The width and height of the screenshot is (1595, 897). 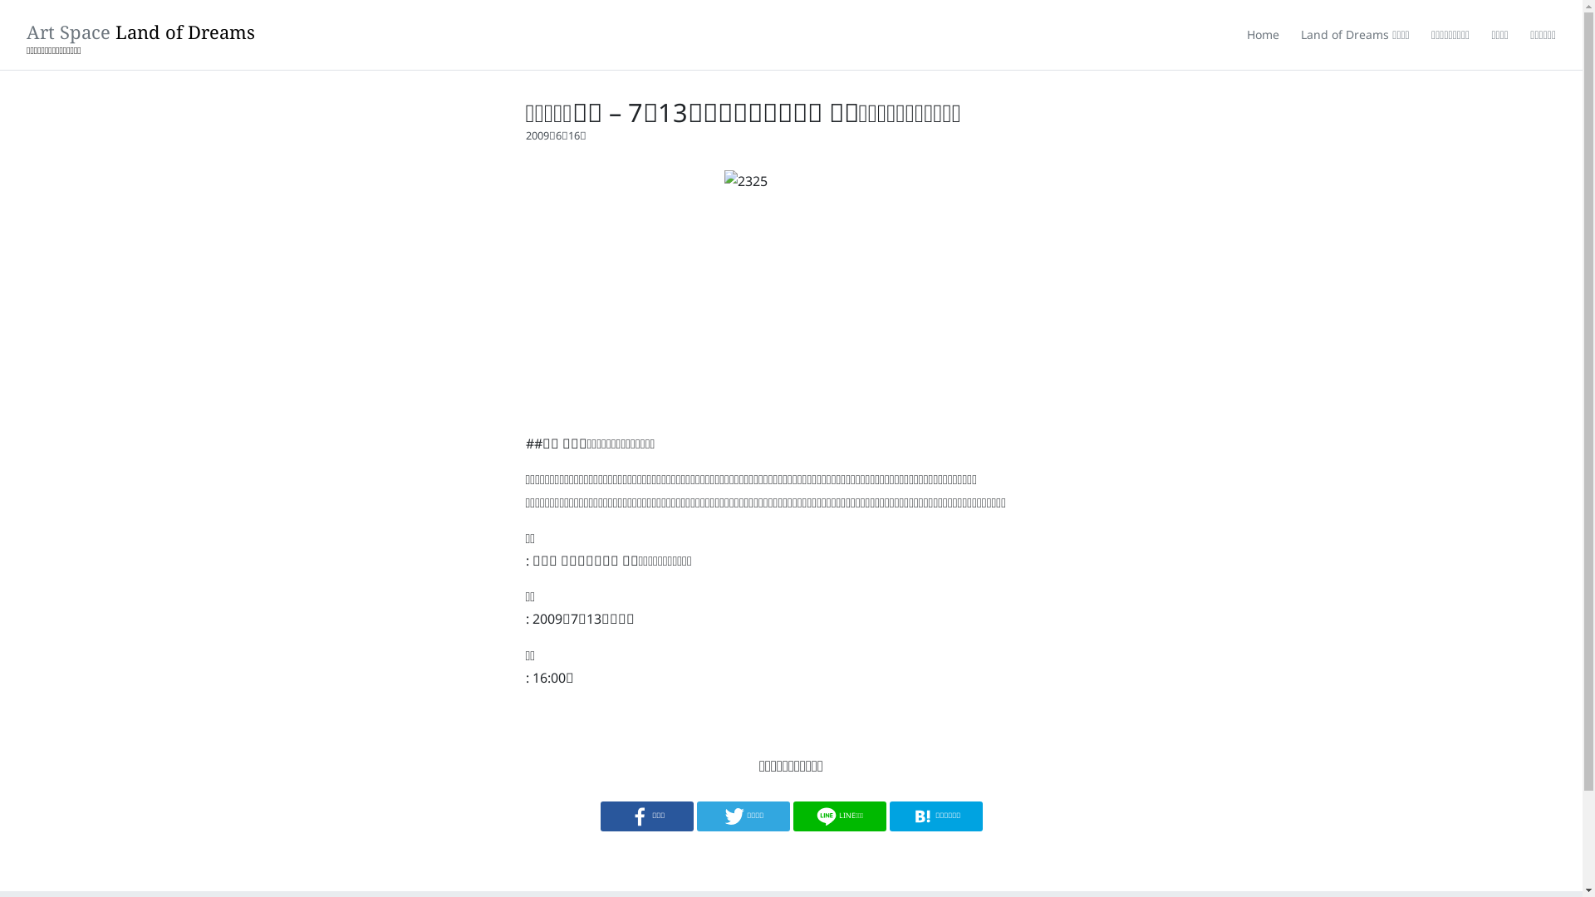 What do you see at coordinates (1263, 35) in the screenshot?
I see `'Home'` at bounding box center [1263, 35].